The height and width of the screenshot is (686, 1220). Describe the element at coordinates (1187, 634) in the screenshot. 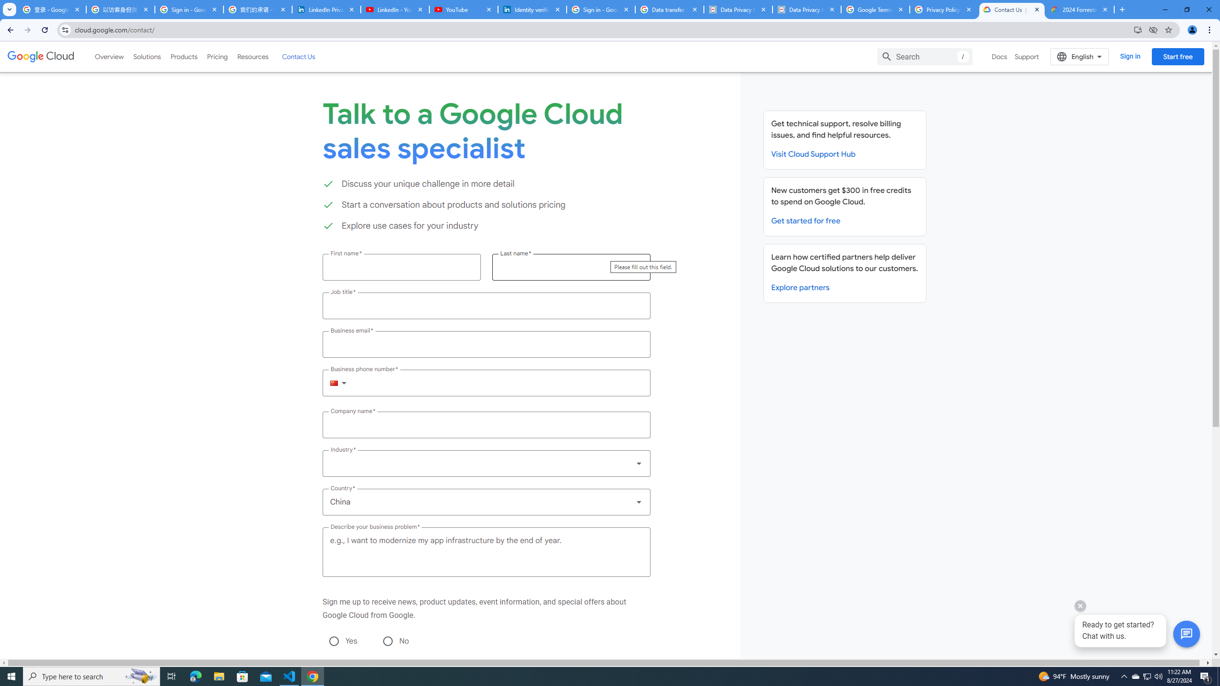

I see `'Button to activate chat'` at that location.